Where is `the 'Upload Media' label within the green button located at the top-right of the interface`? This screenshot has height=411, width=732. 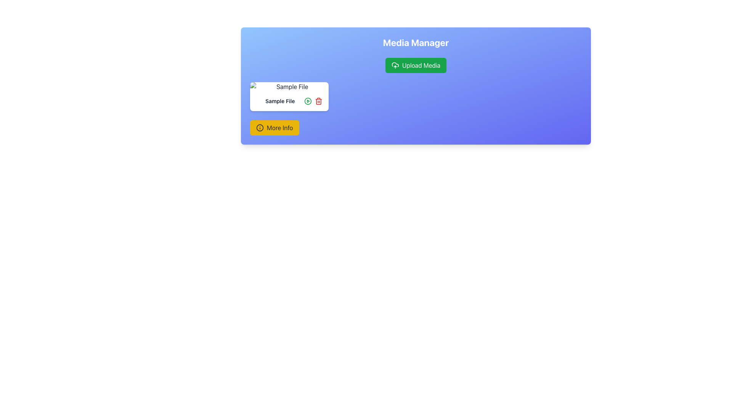
the 'Upload Media' label within the green button located at the top-right of the interface is located at coordinates (421, 65).